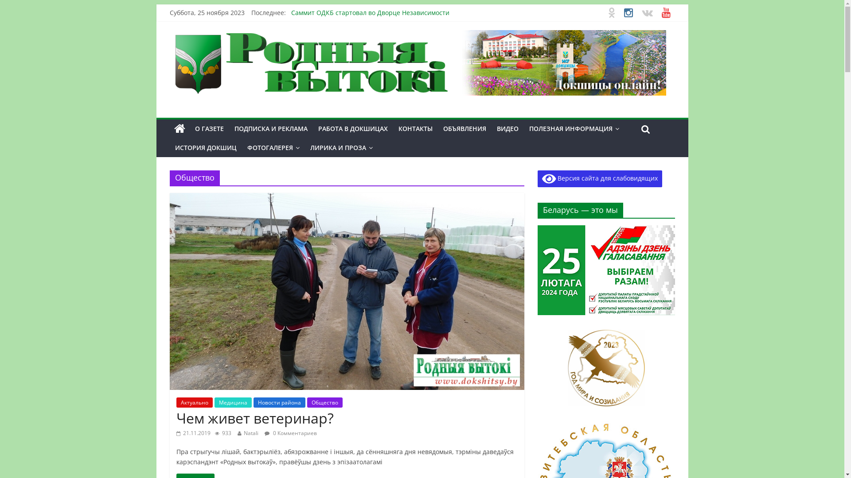  Describe the element at coordinates (215, 432) in the screenshot. I see `'933'` at that location.